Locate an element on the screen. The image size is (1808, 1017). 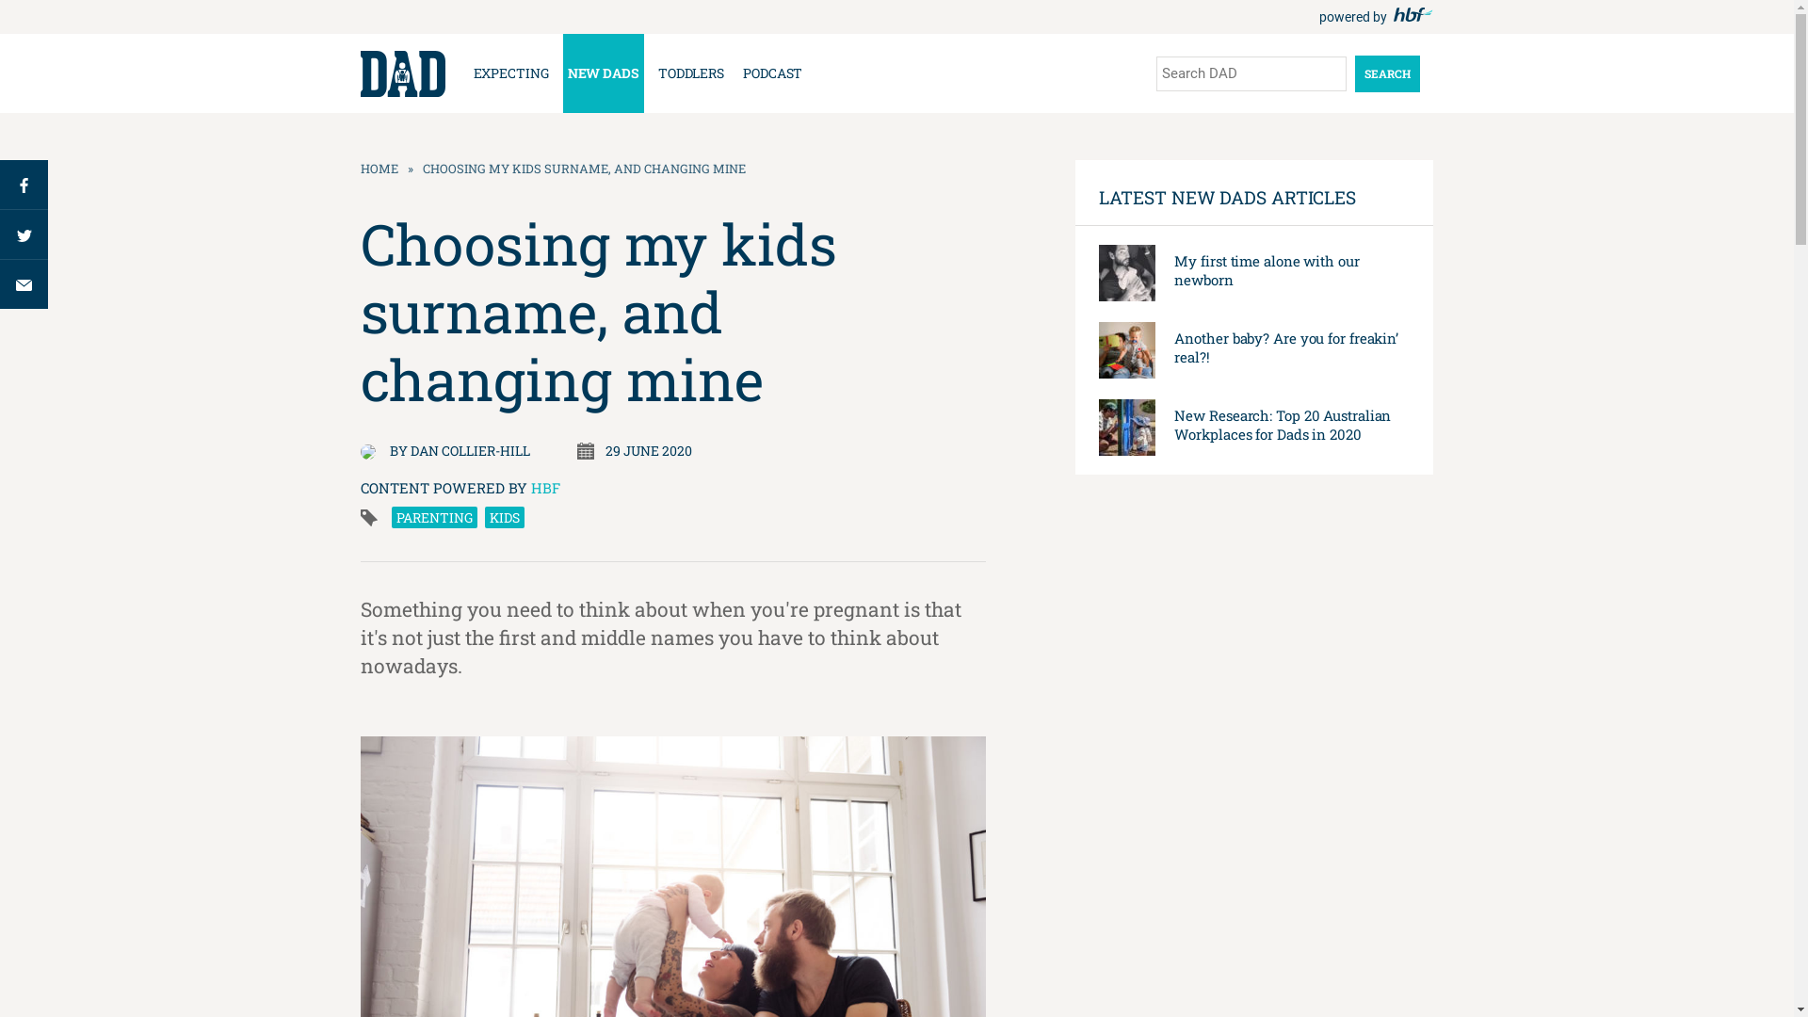
'PODCAST' is located at coordinates (736, 72).